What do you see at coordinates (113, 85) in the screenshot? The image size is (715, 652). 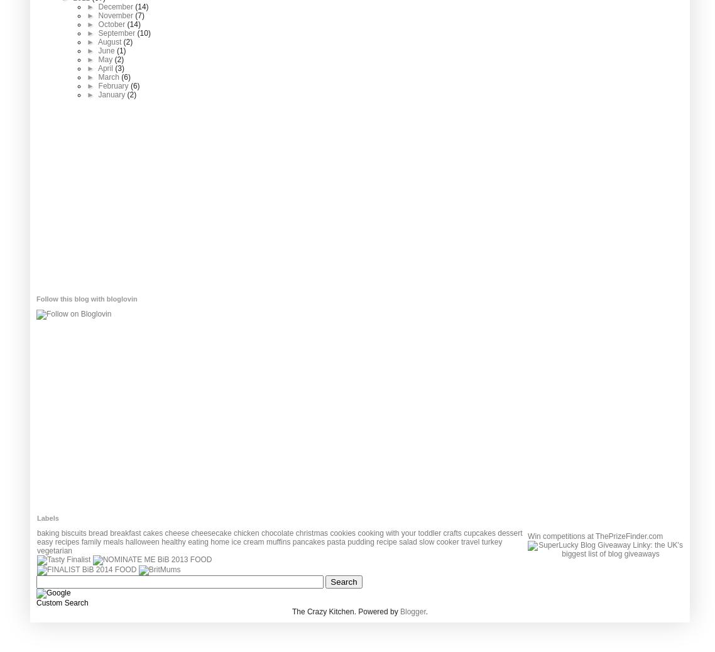 I see `'February'` at bounding box center [113, 85].